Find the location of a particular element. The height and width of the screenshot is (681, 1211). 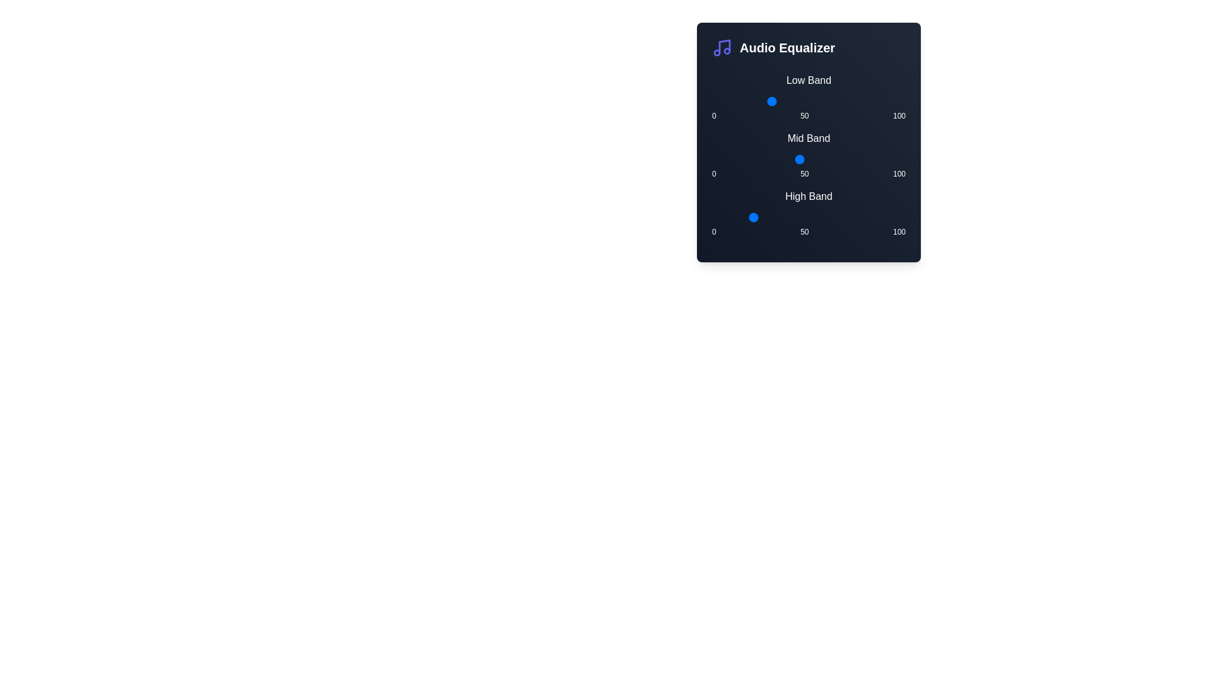

the Mid Band slider to set its value to 5 is located at coordinates (722, 159).